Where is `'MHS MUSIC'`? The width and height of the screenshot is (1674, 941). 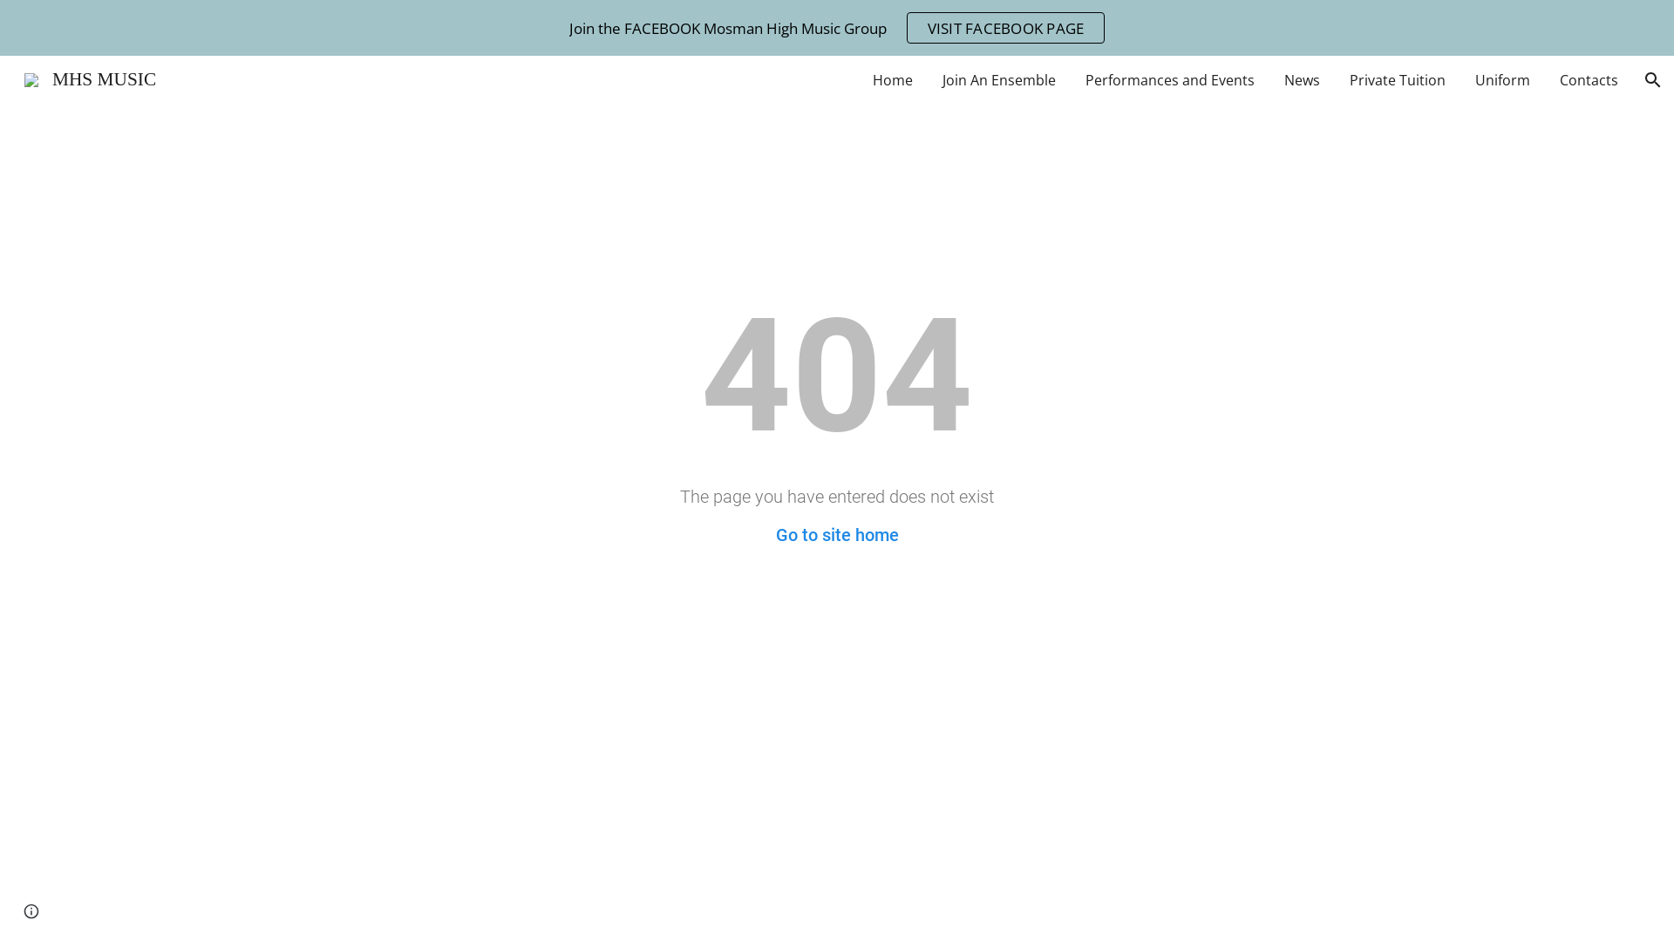
'MHS MUSIC' is located at coordinates (89, 77).